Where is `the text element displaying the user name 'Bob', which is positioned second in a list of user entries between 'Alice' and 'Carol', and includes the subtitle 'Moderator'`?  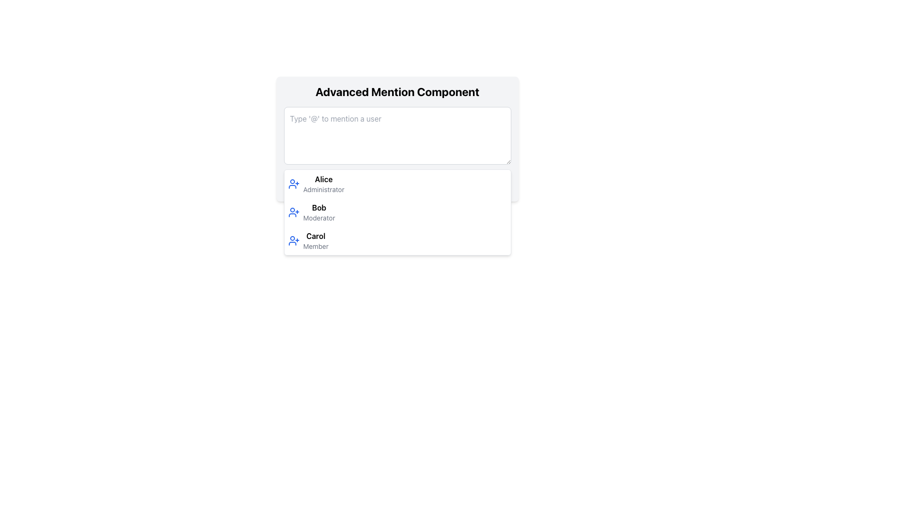
the text element displaying the user name 'Bob', which is positioned second in a list of user entries between 'Alice' and 'Carol', and includes the subtitle 'Moderator' is located at coordinates (319, 207).